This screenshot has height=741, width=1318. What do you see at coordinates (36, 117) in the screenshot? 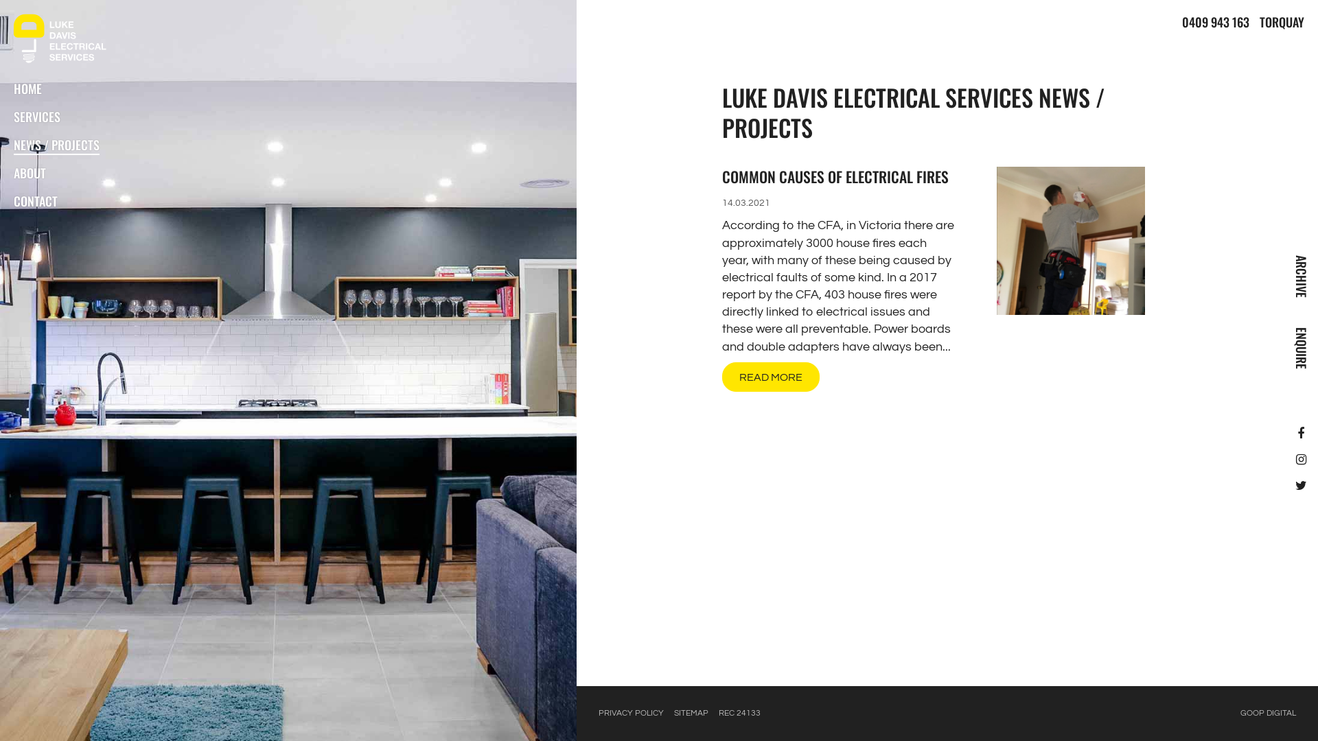
I see `'SERVICES'` at bounding box center [36, 117].